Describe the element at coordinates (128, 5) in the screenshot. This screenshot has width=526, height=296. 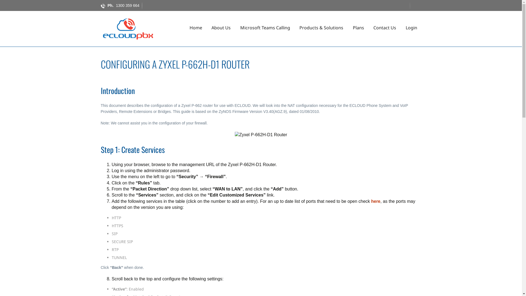
I see `'1300 359 664'` at that location.